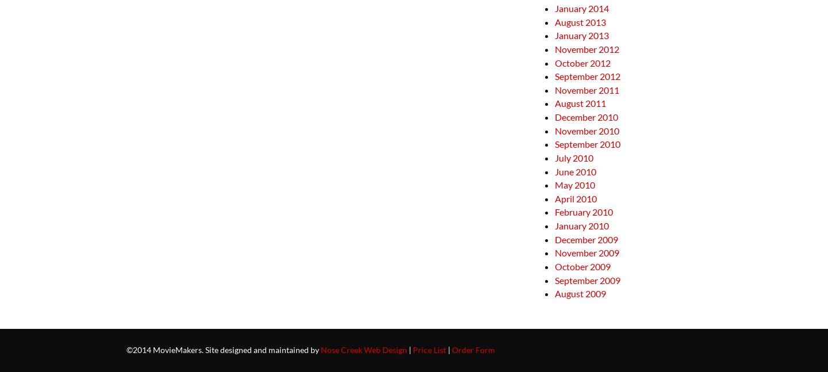  I want to click on 'January 2014', so click(581, 7).